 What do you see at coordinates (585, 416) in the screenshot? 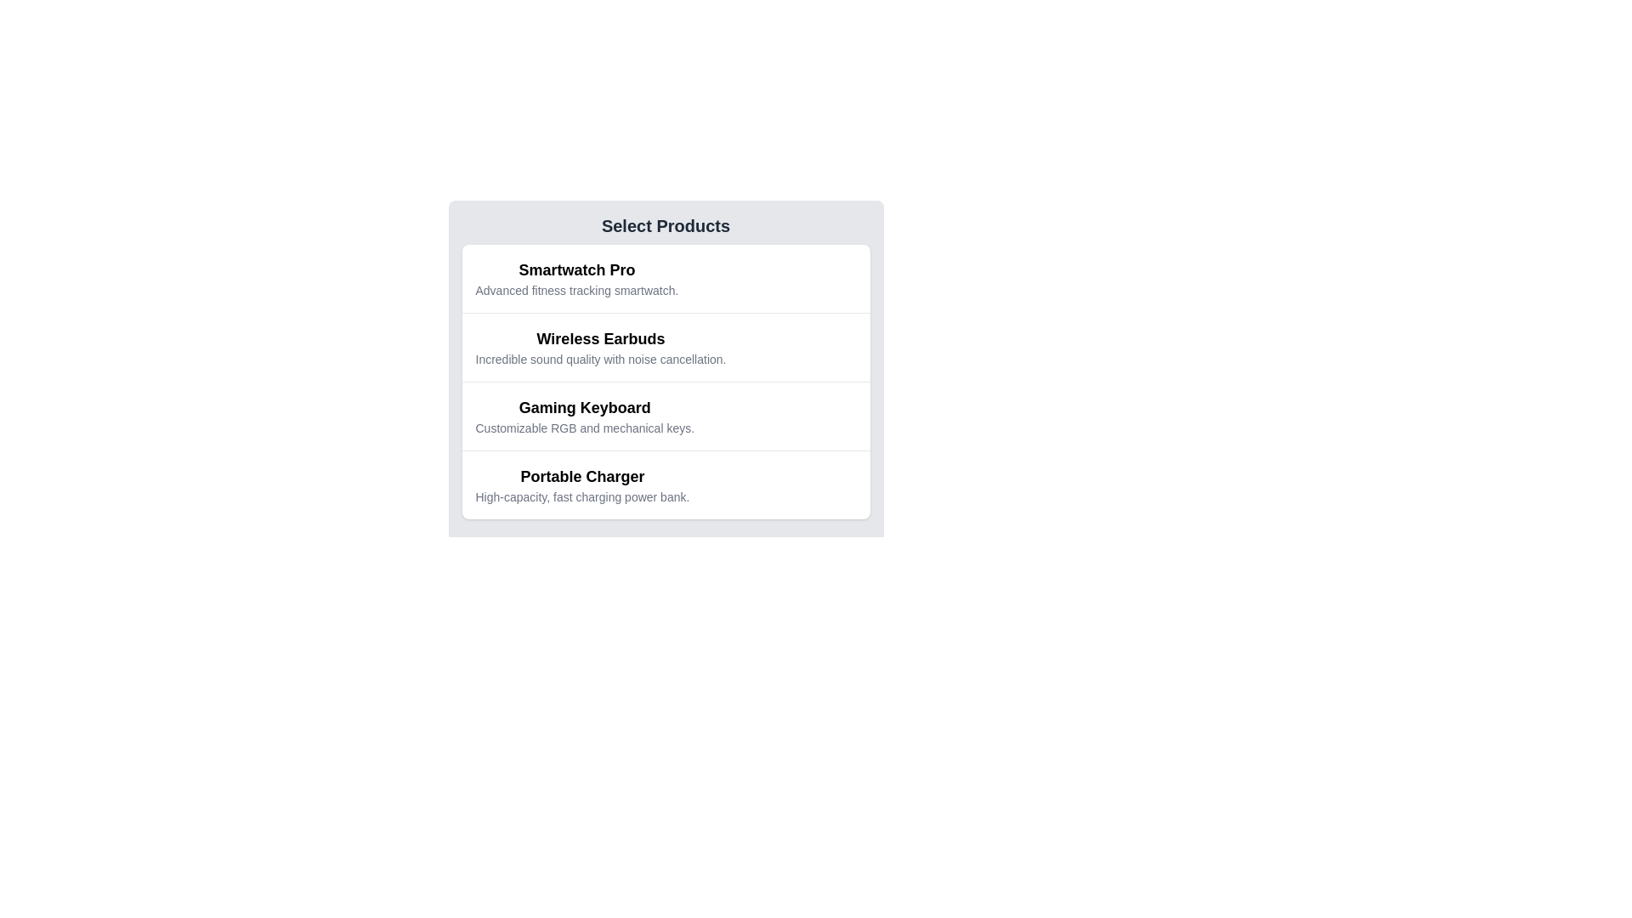
I see `the Text block that presents the name and description of the 'Gaming Keyboard'` at bounding box center [585, 416].